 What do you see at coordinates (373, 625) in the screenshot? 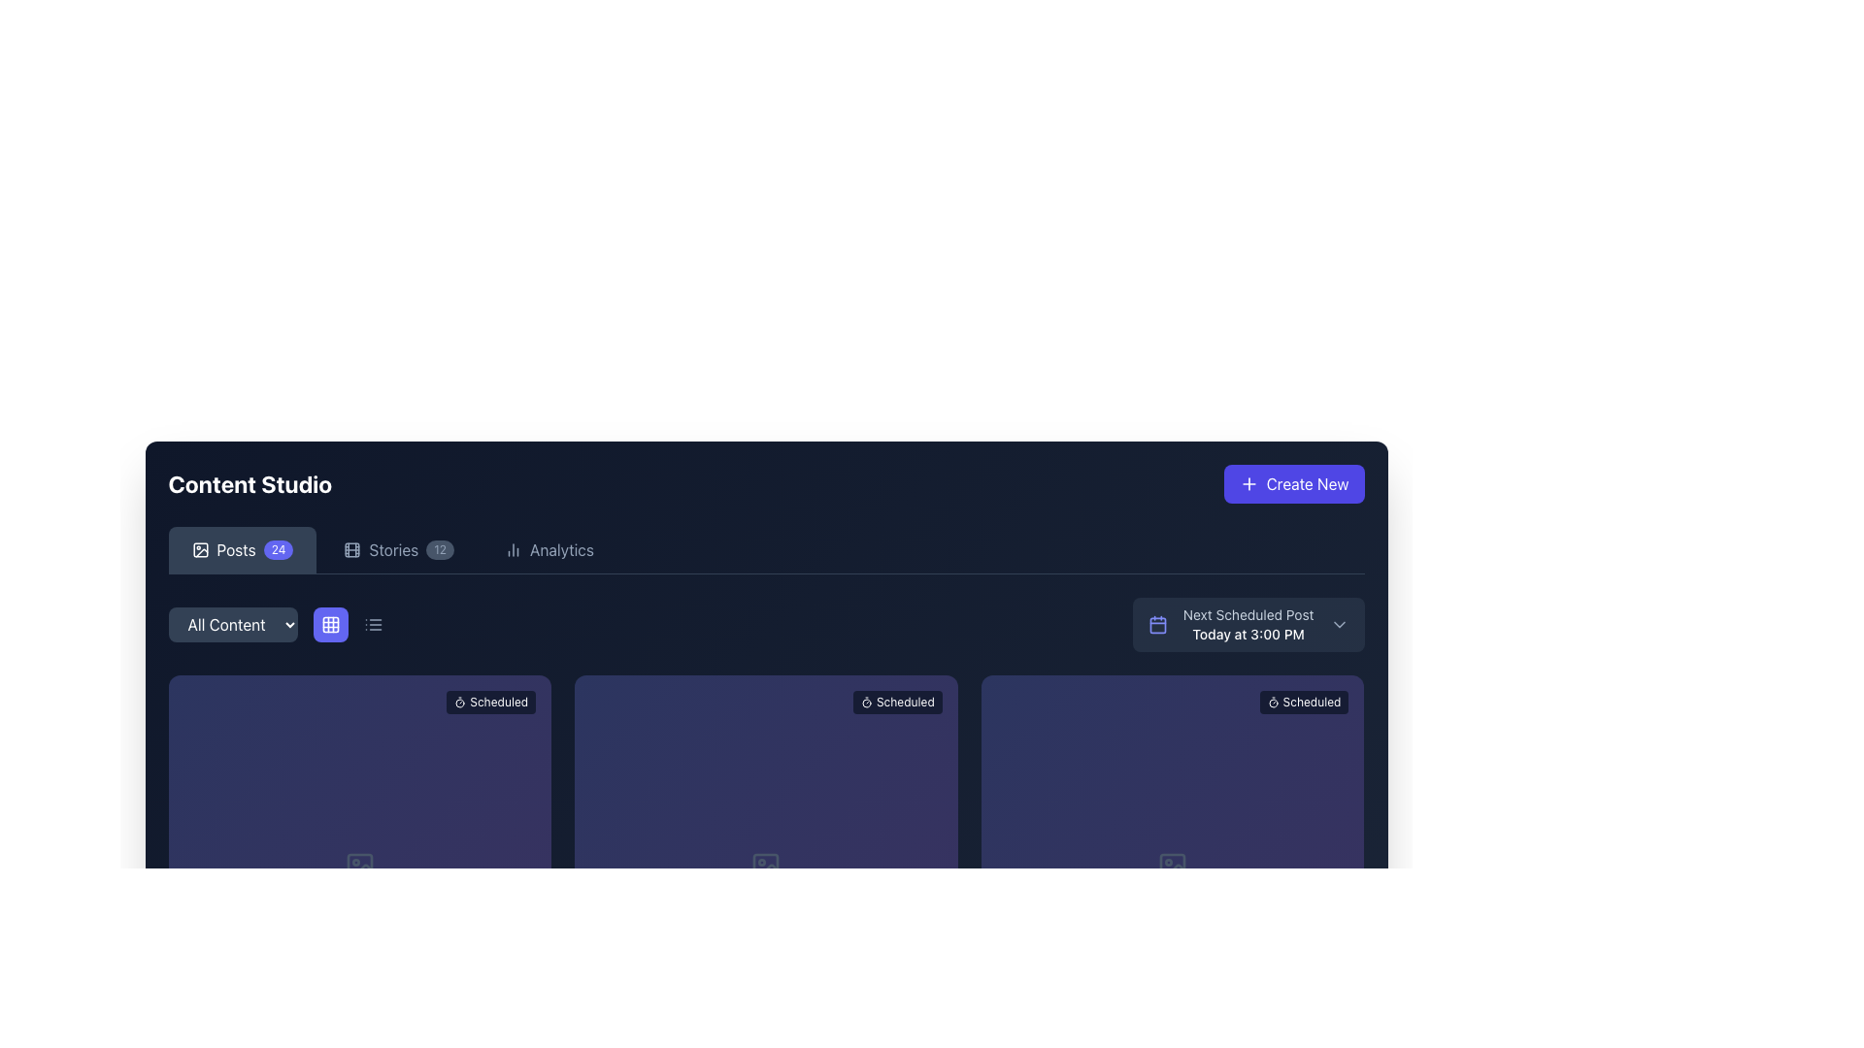
I see `the button located in the horizontal toolbar that toggles the view mode to list layout` at bounding box center [373, 625].